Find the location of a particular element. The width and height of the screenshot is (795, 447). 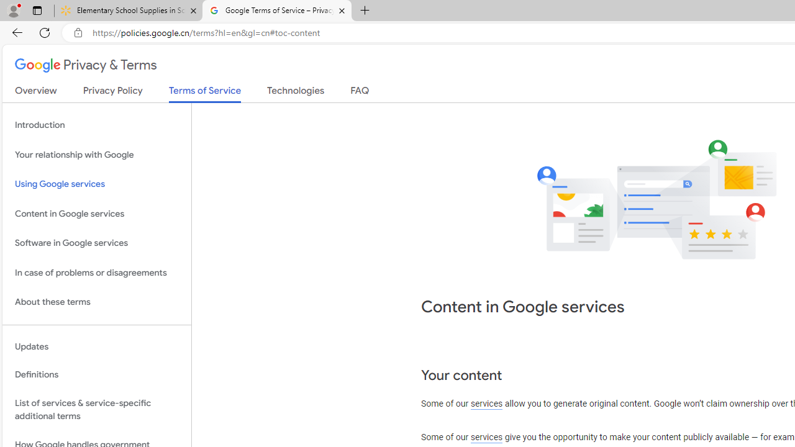

'Refresh' is located at coordinates (45, 32).